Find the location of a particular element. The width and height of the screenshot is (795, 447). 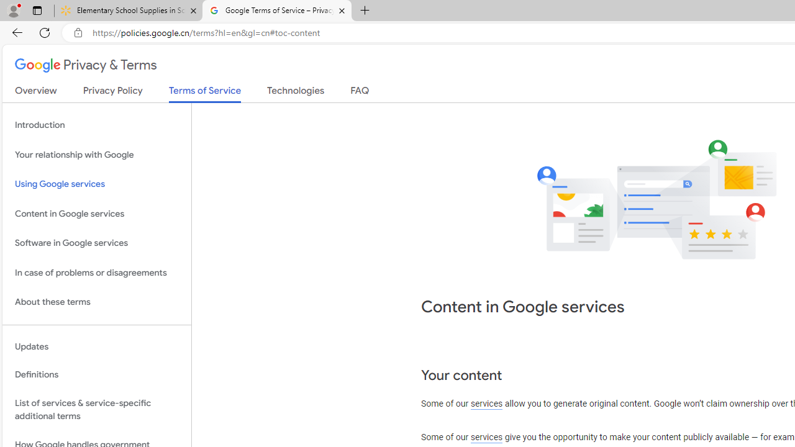

'Refresh' is located at coordinates (45, 32).